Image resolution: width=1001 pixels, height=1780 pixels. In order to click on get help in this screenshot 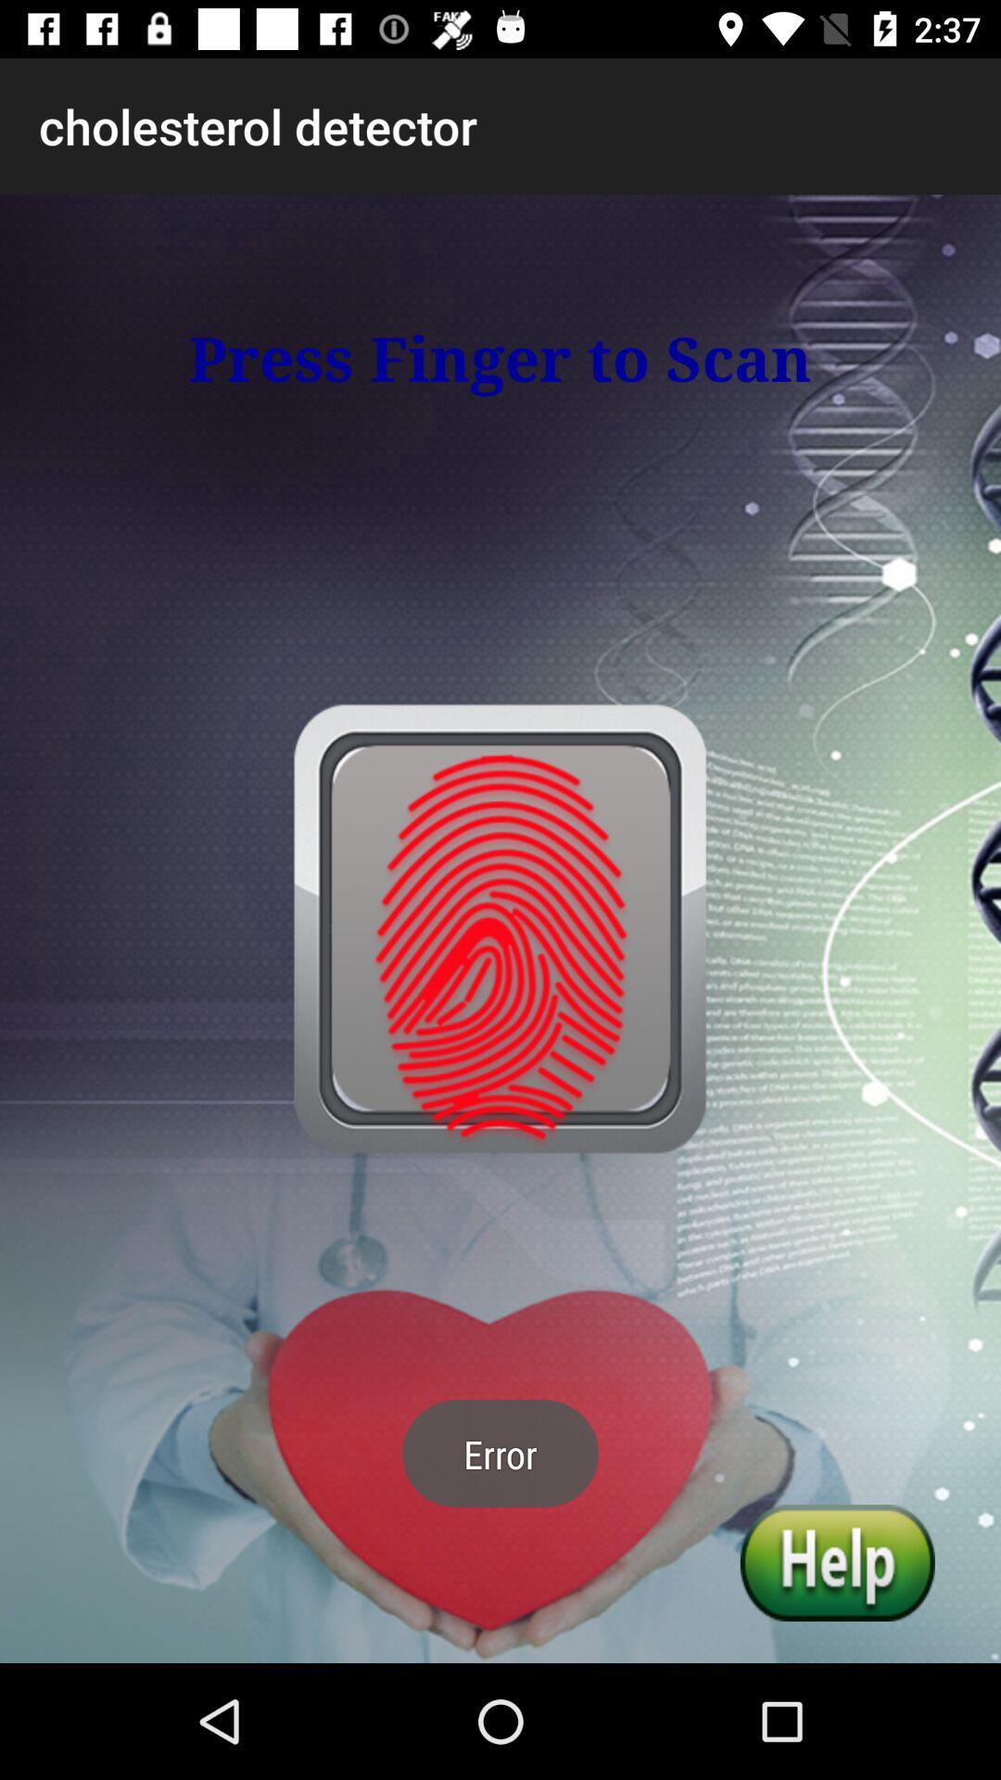, I will do `click(837, 1561)`.